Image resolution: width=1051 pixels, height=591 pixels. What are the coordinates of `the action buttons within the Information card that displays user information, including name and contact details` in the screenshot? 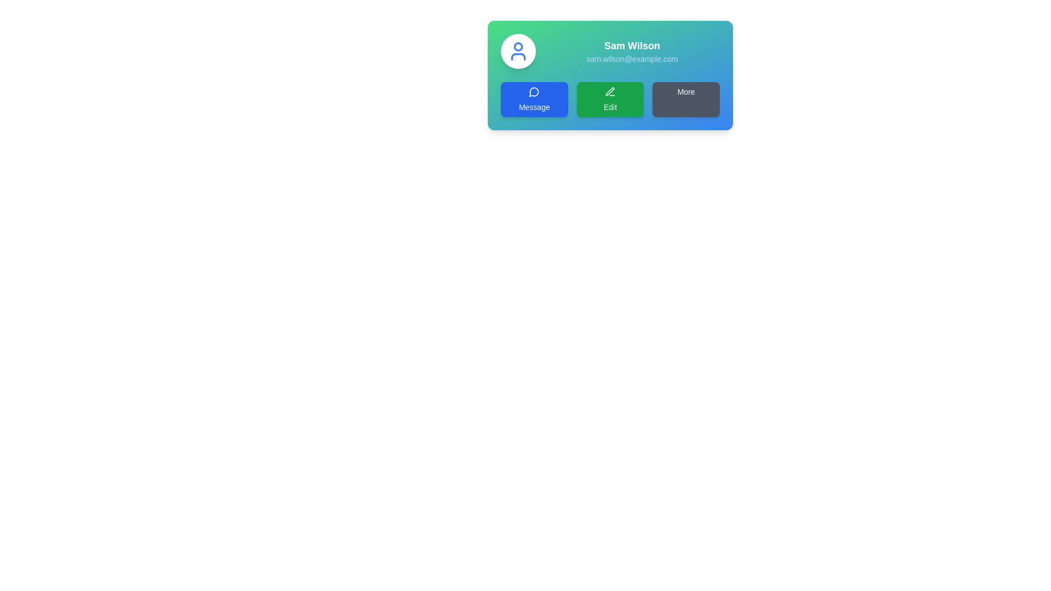 It's located at (609, 75).